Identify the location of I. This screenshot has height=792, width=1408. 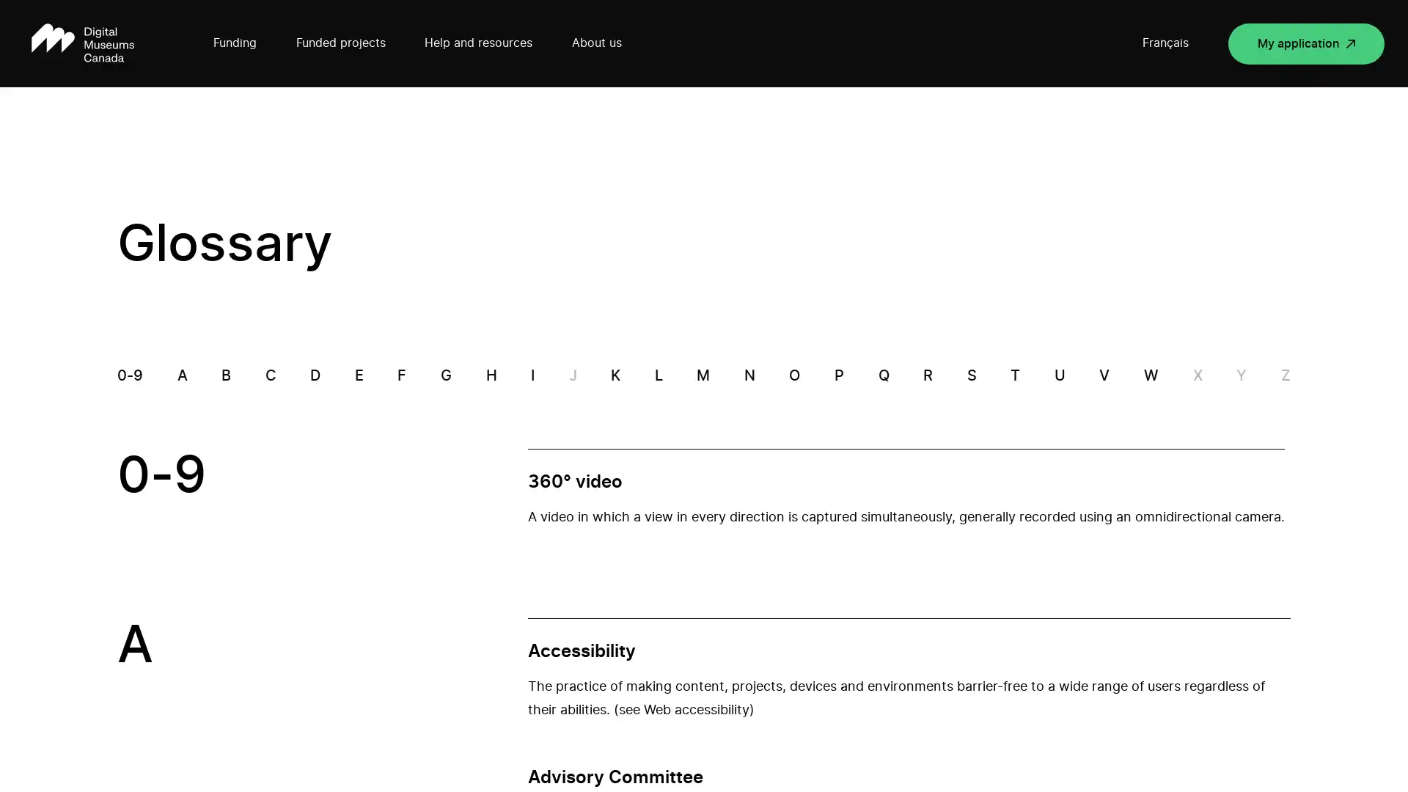
(532, 375).